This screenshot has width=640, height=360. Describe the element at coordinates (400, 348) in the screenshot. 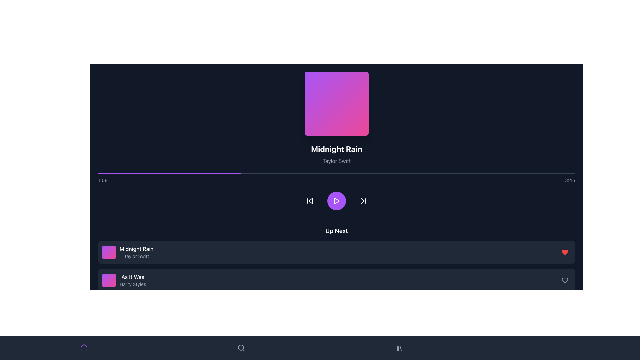

I see `the angled line segment of the SVG icon located in the lower navigation bar, which is part of the library icon and is the rightmost segment` at that location.